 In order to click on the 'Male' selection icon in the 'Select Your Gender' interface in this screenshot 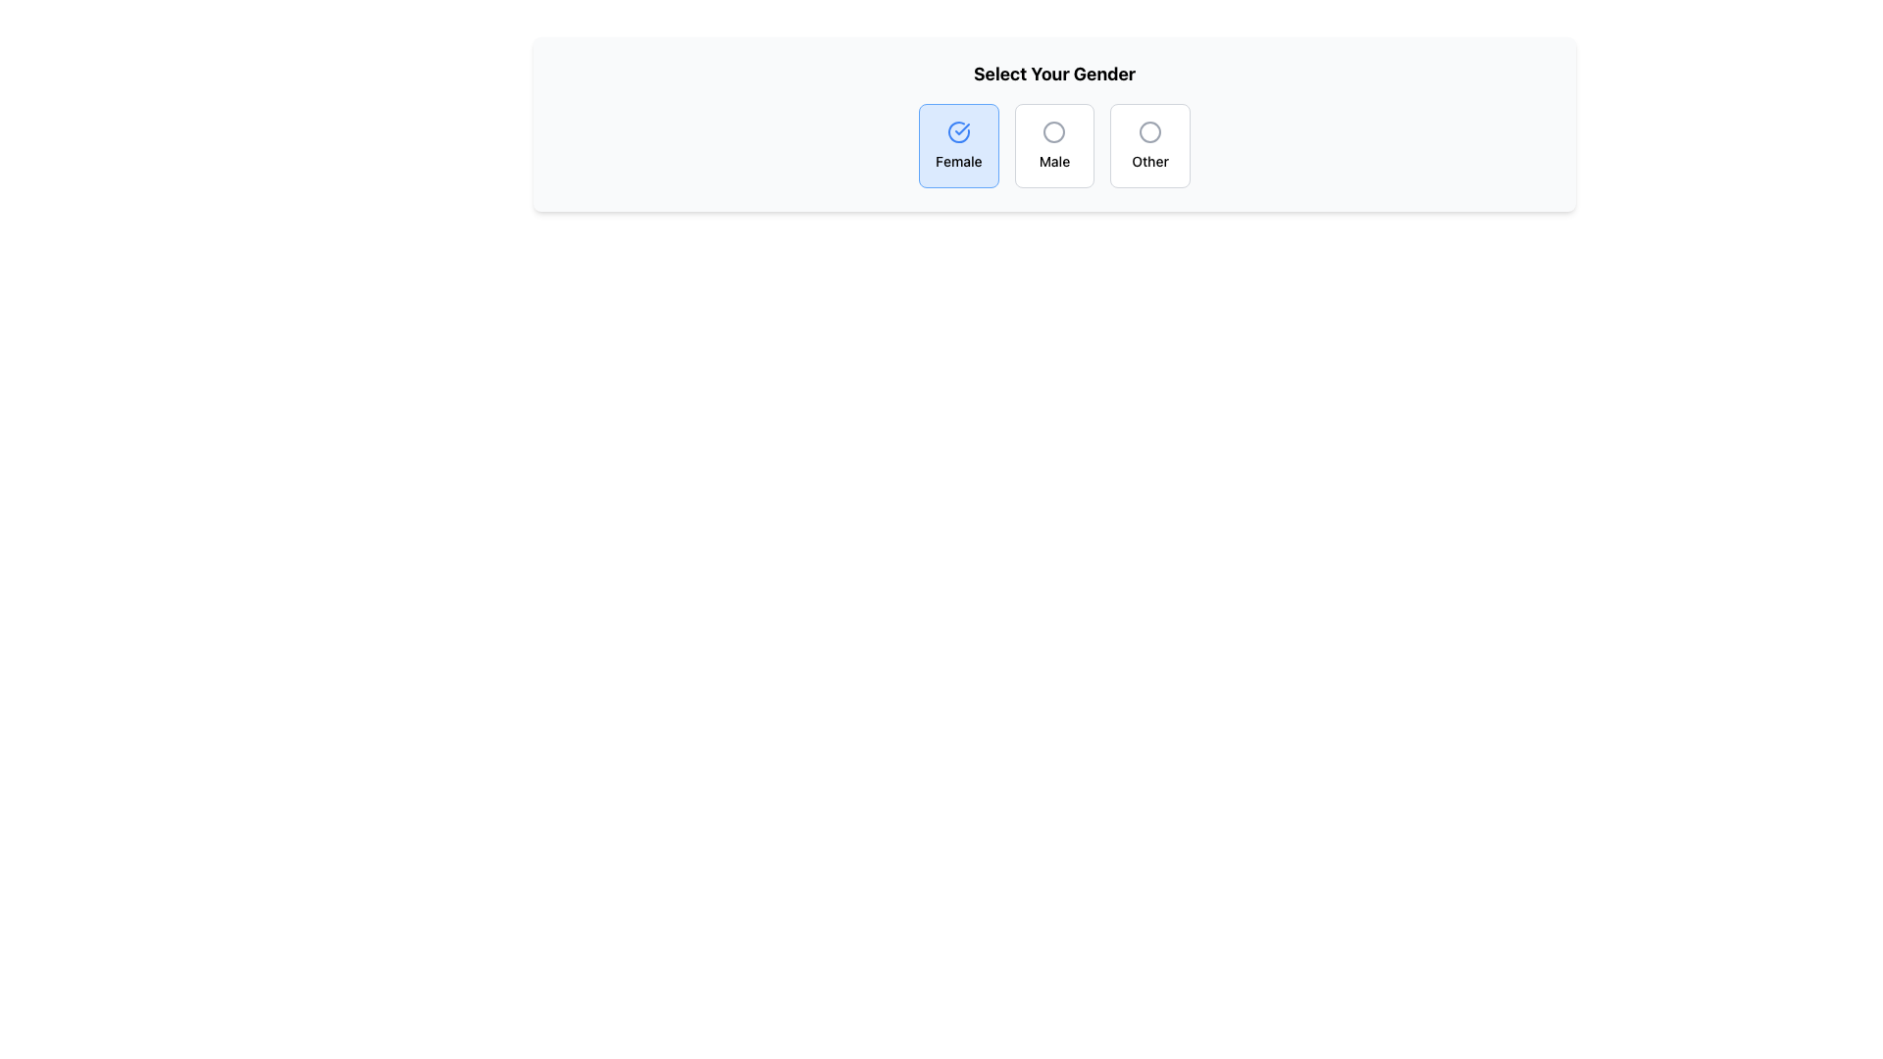, I will do `click(1053, 132)`.